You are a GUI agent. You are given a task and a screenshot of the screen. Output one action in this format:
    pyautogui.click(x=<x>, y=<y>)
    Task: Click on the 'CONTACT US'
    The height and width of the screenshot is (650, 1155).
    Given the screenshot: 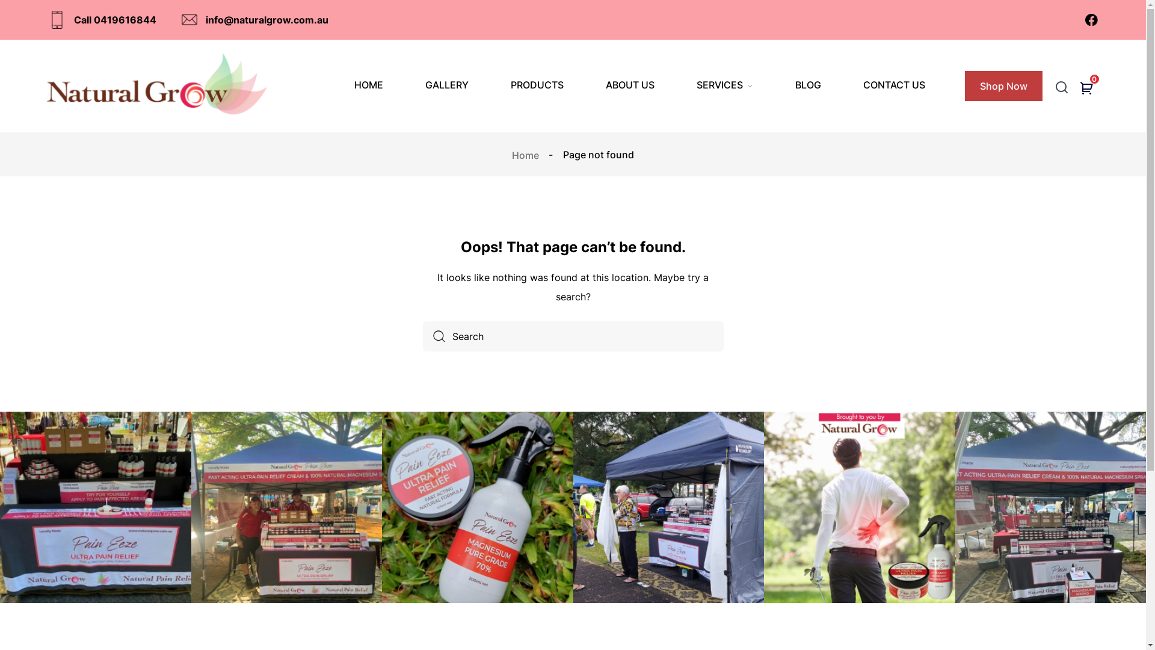 What is the action you would take?
    pyautogui.click(x=894, y=84)
    